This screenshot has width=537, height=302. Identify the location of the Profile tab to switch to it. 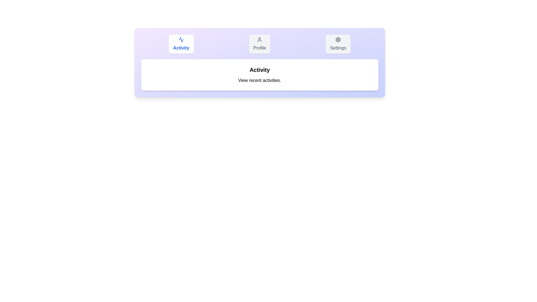
(259, 44).